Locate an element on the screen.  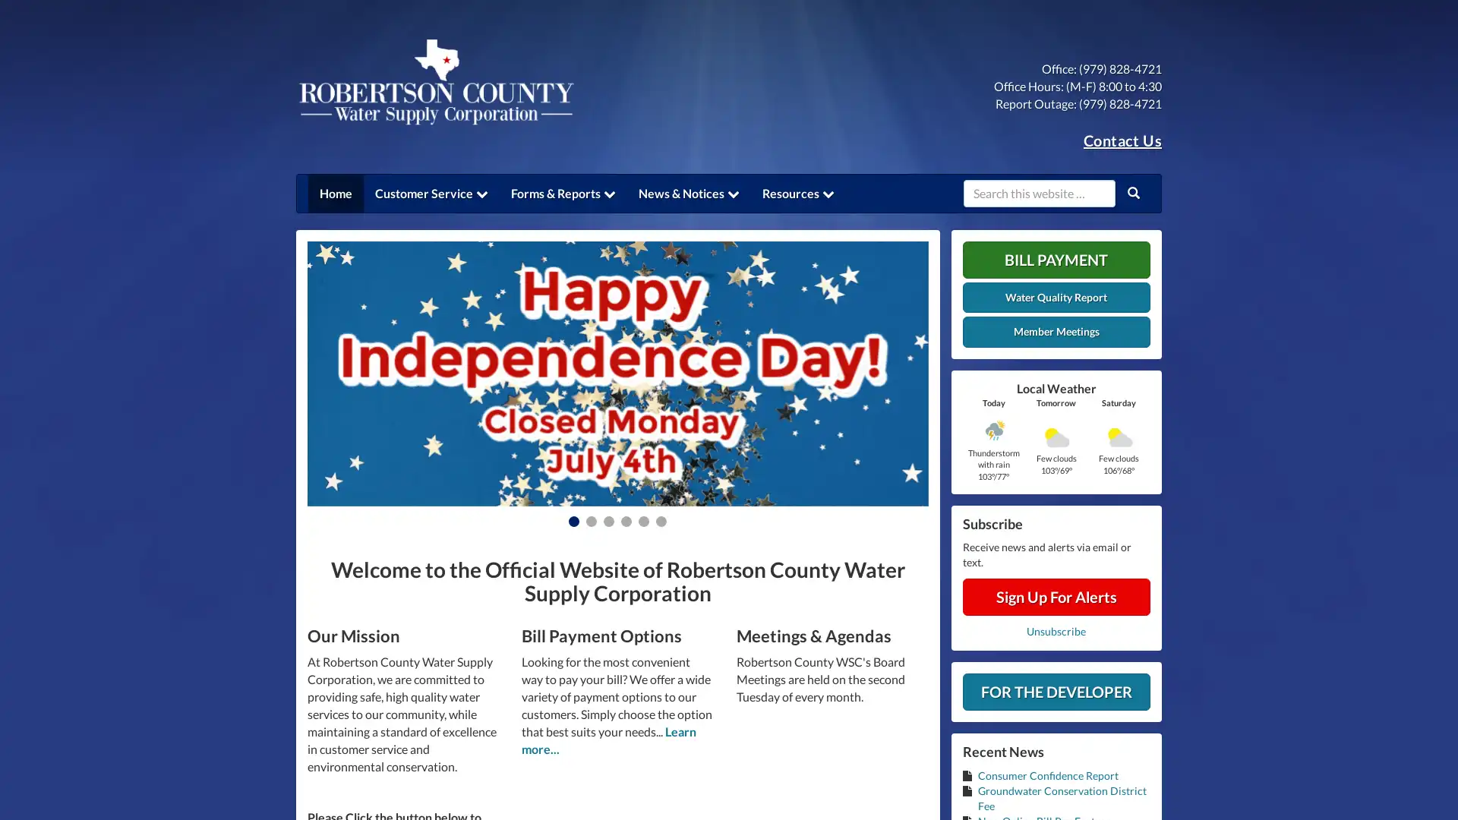
Next Slide is located at coordinates (881, 373).